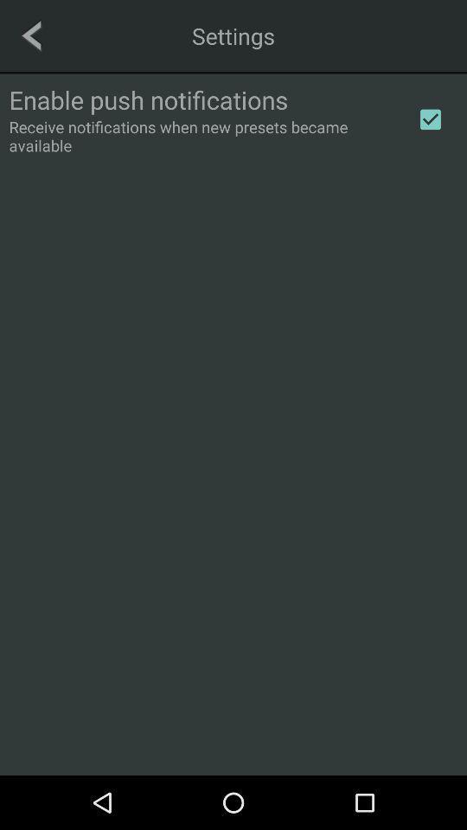  What do you see at coordinates (31, 35) in the screenshot?
I see `the arrow_backward icon` at bounding box center [31, 35].